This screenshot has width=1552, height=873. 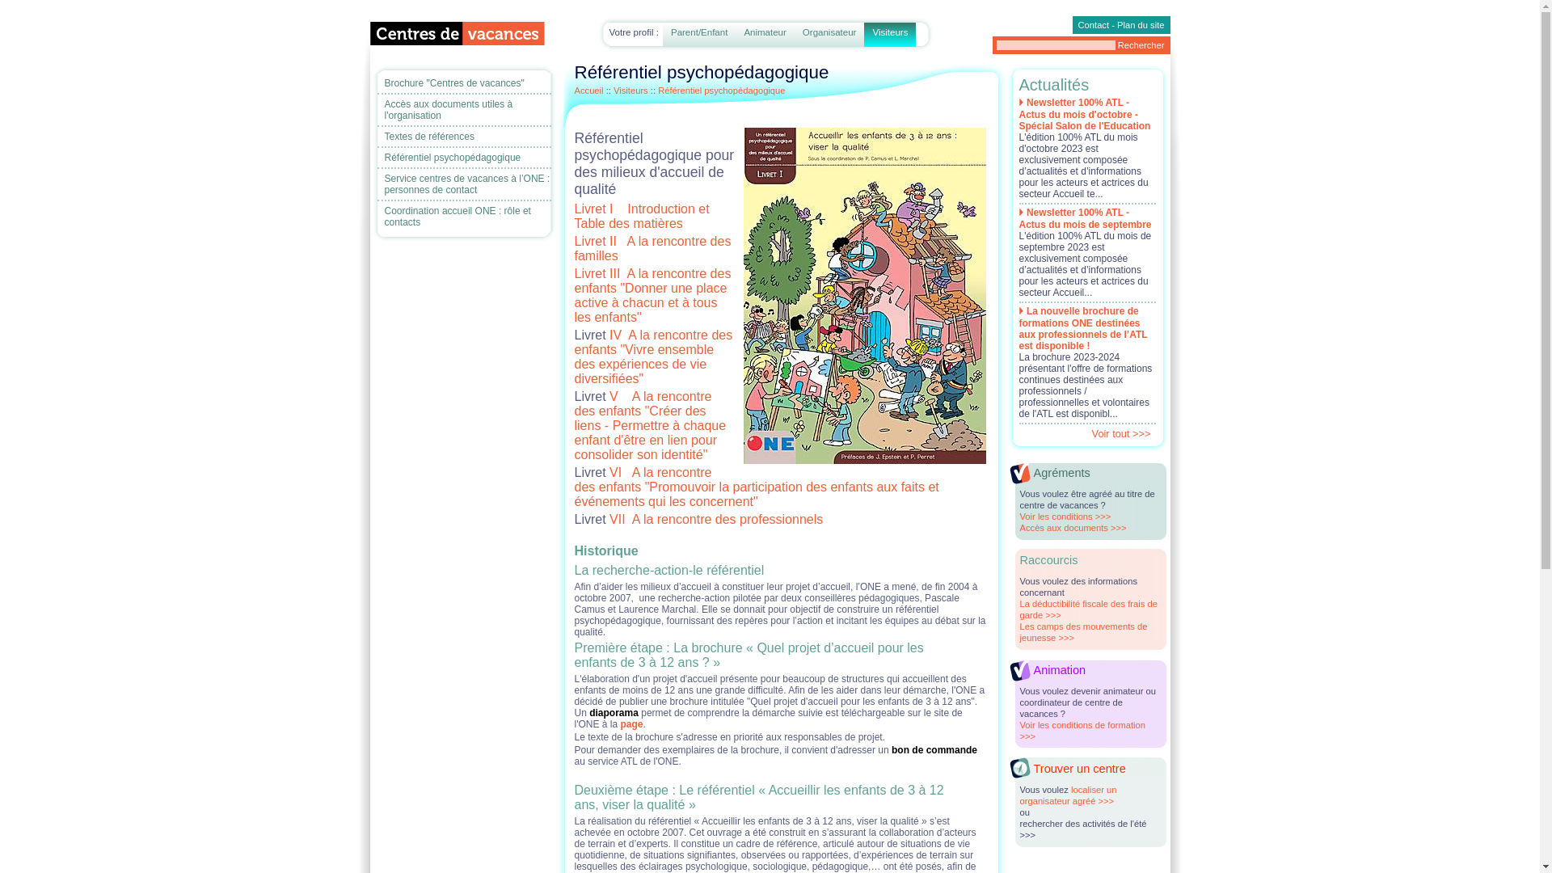 I want to click on 'Voir les conditions de formation >>>', so click(x=1019, y=730).